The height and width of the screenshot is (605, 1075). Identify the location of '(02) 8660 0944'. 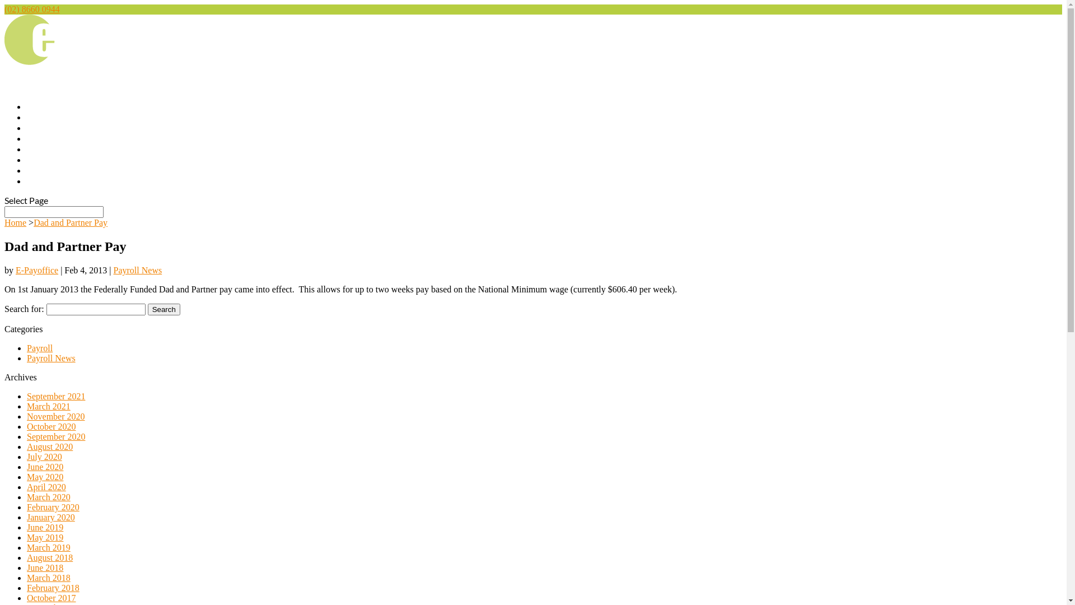
(32, 9).